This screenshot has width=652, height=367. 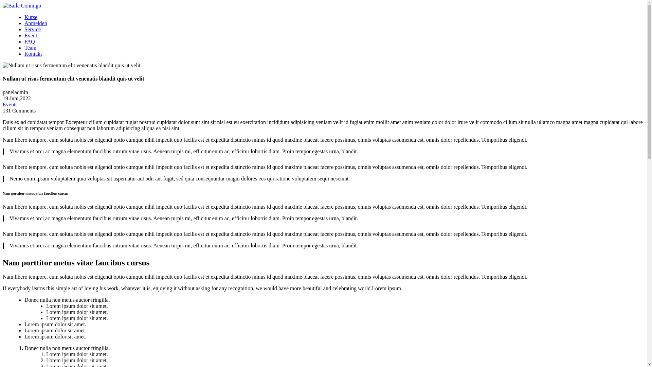 What do you see at coordinates (10, 104) in the screenshot?
I see `'Events'` at bounding box center [10, 104].